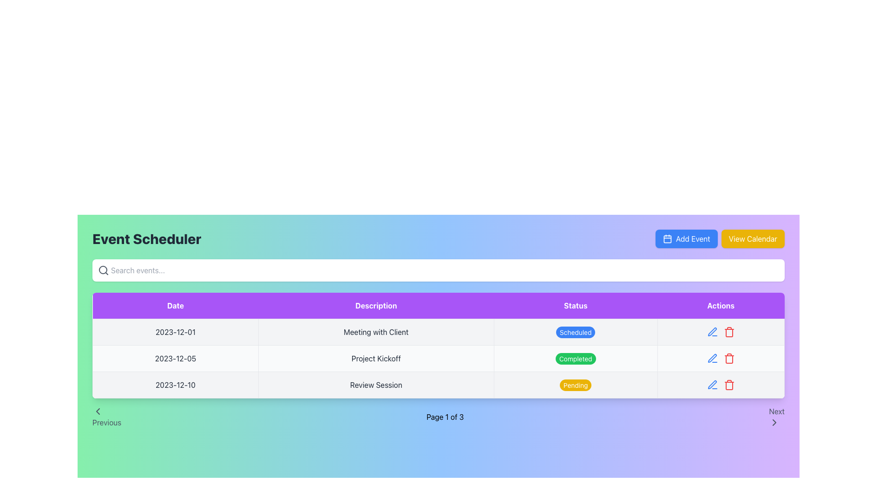  What do you see at coordinates (720, 385) in the screenshot?
I see `the red trash bin icon located in the 'Actions' column of the last row of the table, aligned with the 'Pending' status` at bounding box center [720, 385].